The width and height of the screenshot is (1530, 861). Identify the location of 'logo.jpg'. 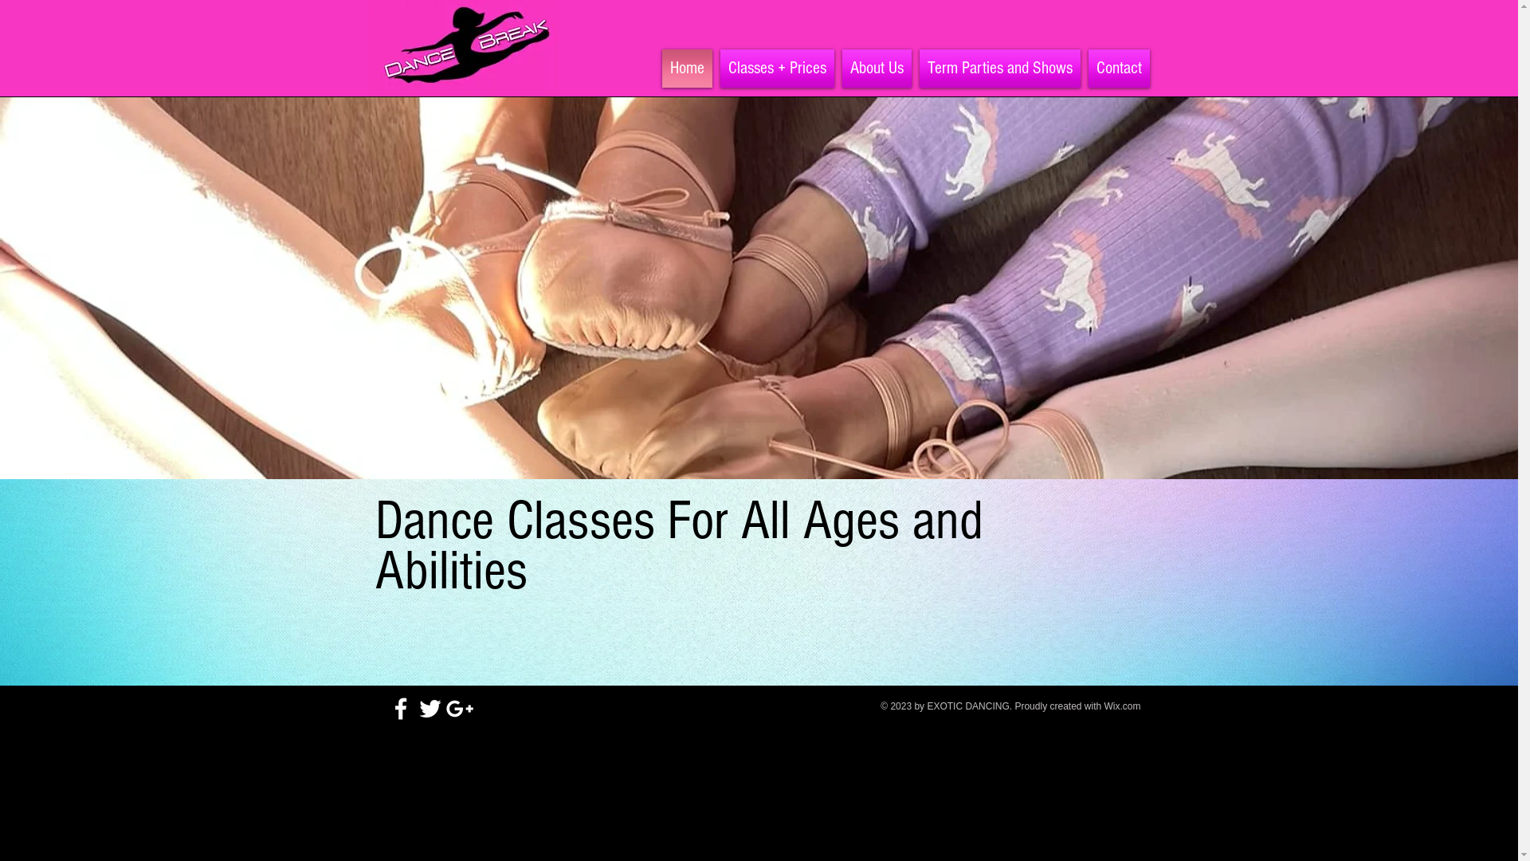
(461, 47).